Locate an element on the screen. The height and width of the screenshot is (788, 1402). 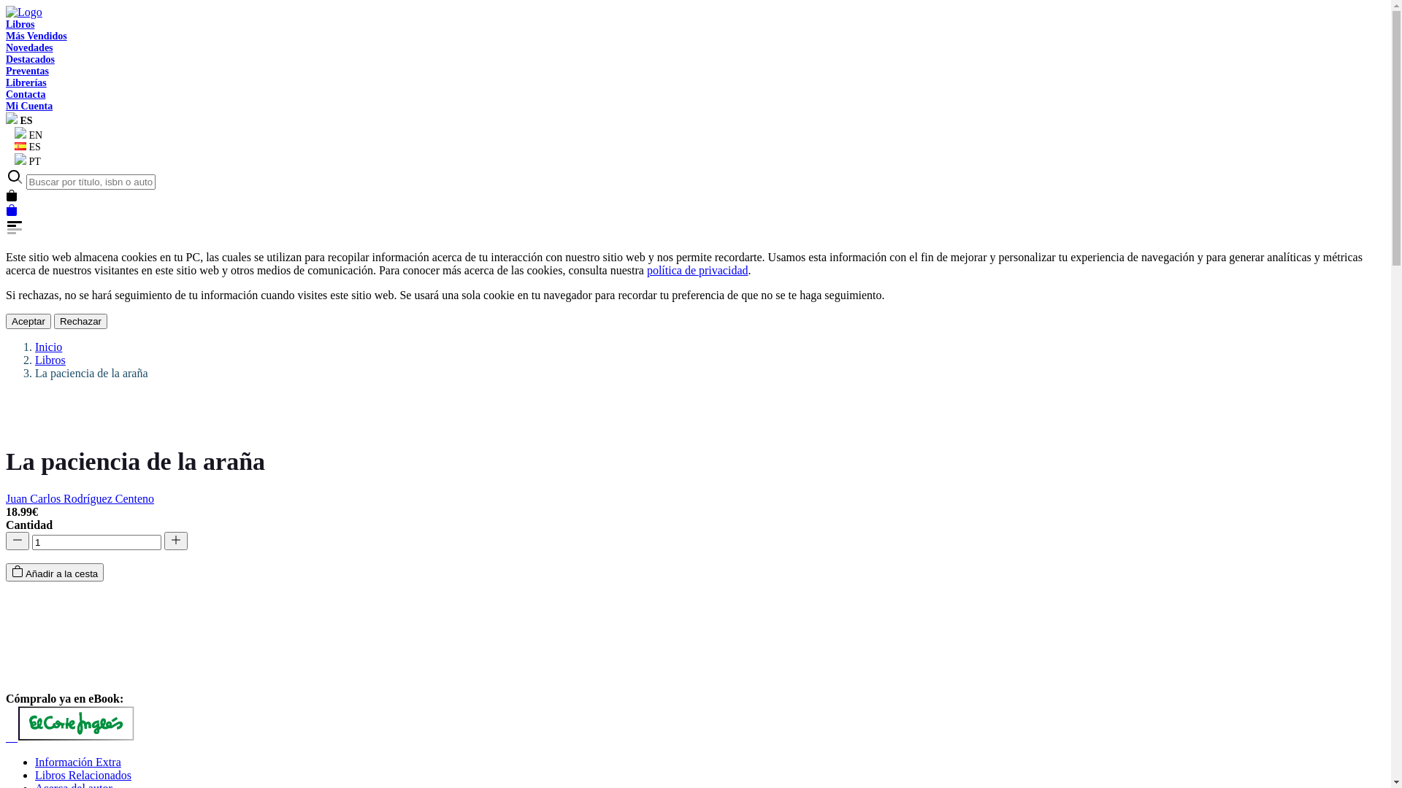
'Contacta' is located at coordinates (25, 94).